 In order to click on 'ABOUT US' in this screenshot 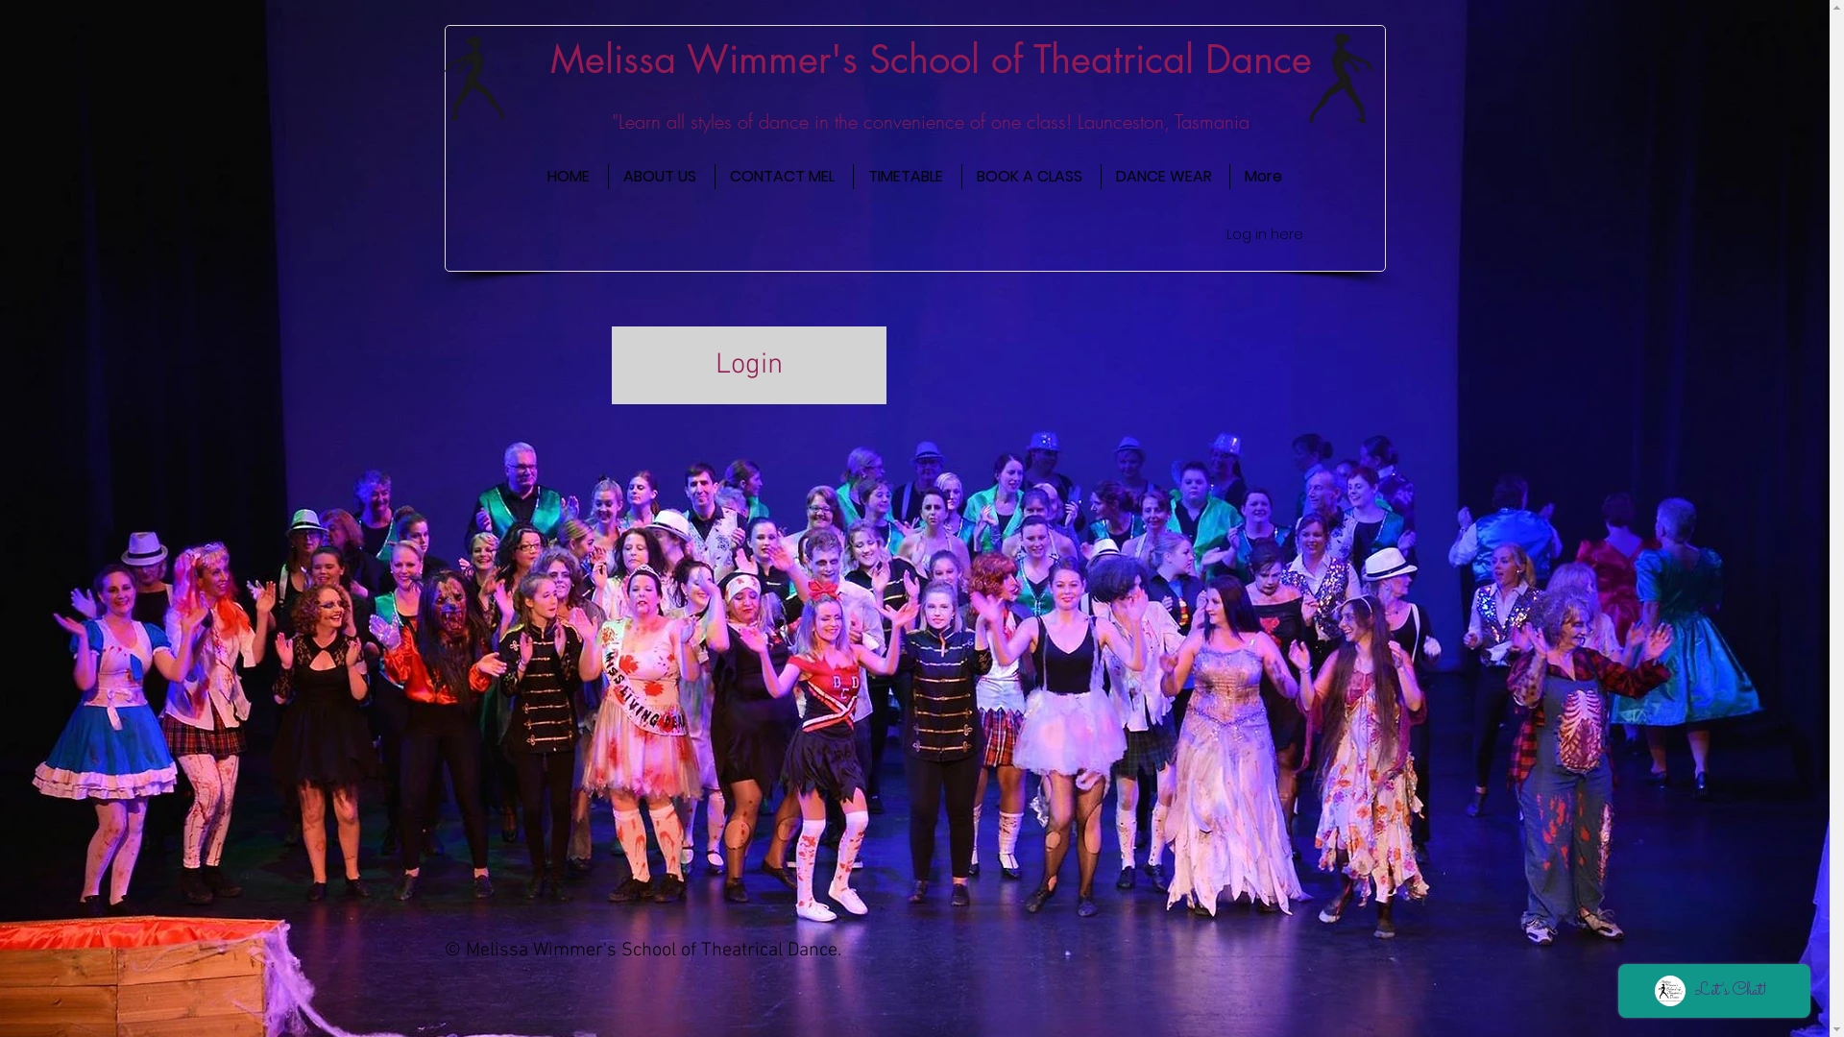, I will do `click(607, 177)`.